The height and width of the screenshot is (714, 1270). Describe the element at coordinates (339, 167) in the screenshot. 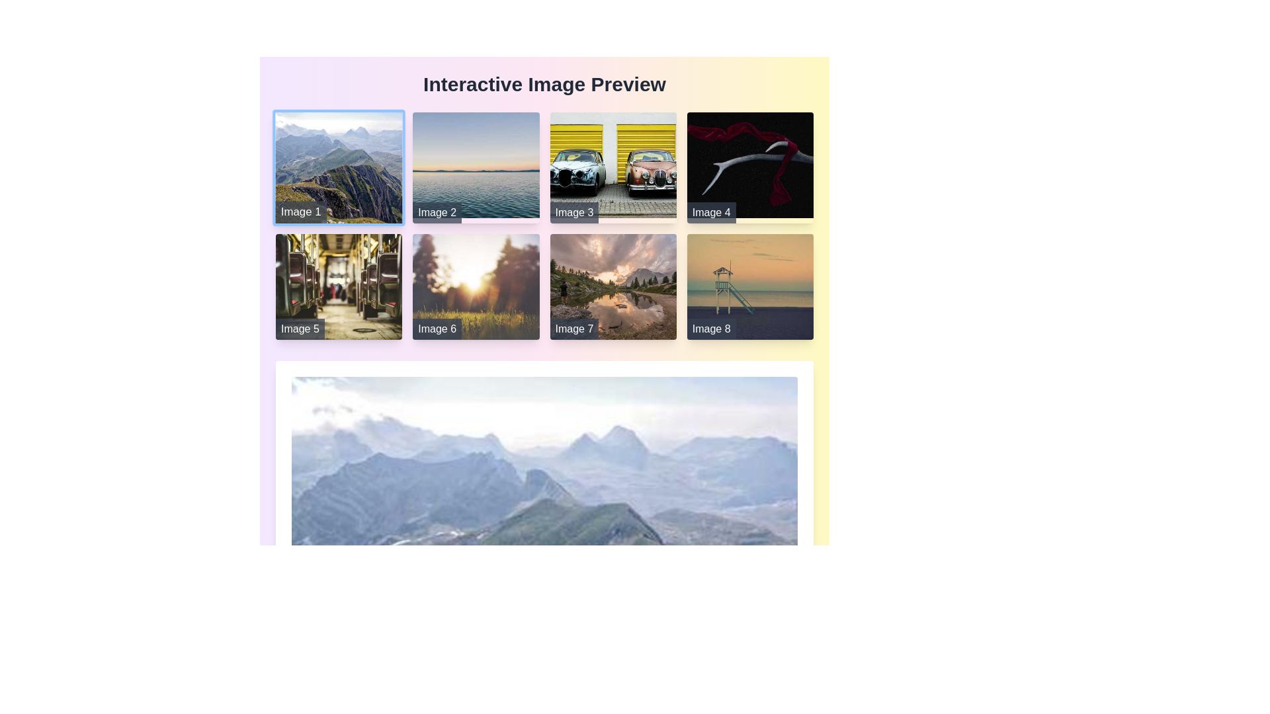

I see `the static image displaying 'Image 1' located in the first row and first column of the grid layout` at that location.